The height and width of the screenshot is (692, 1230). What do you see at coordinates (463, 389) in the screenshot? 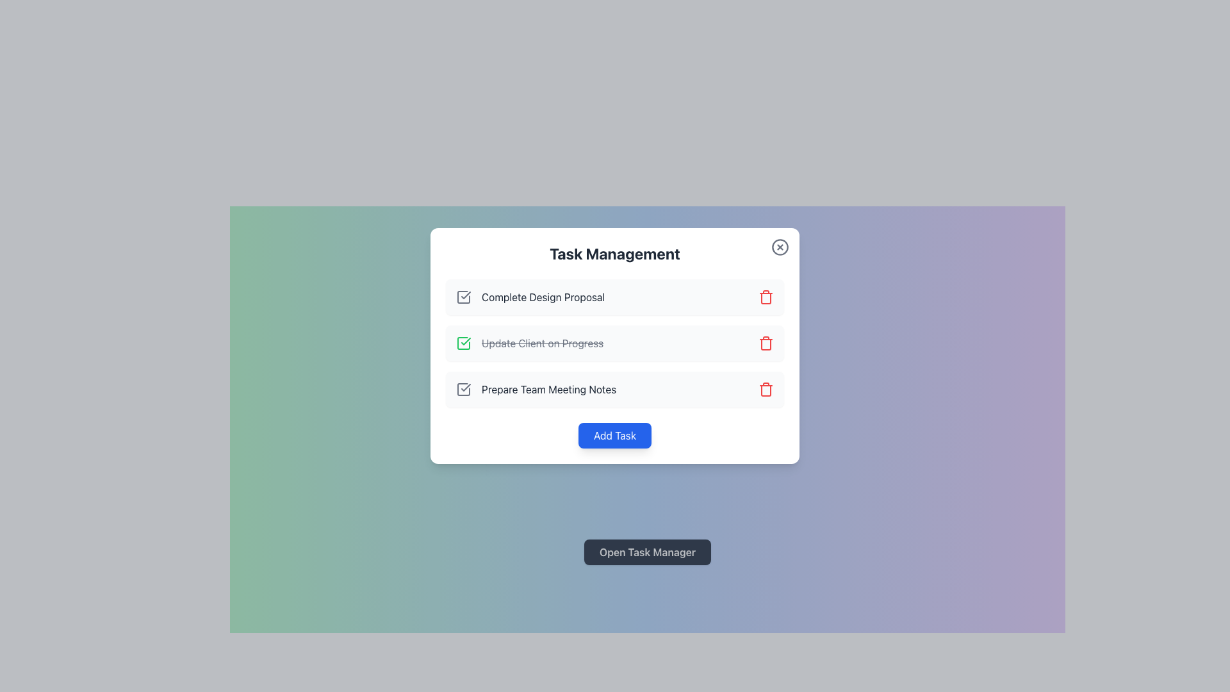
I see `the checkbox` at bounding box center [463, 389].